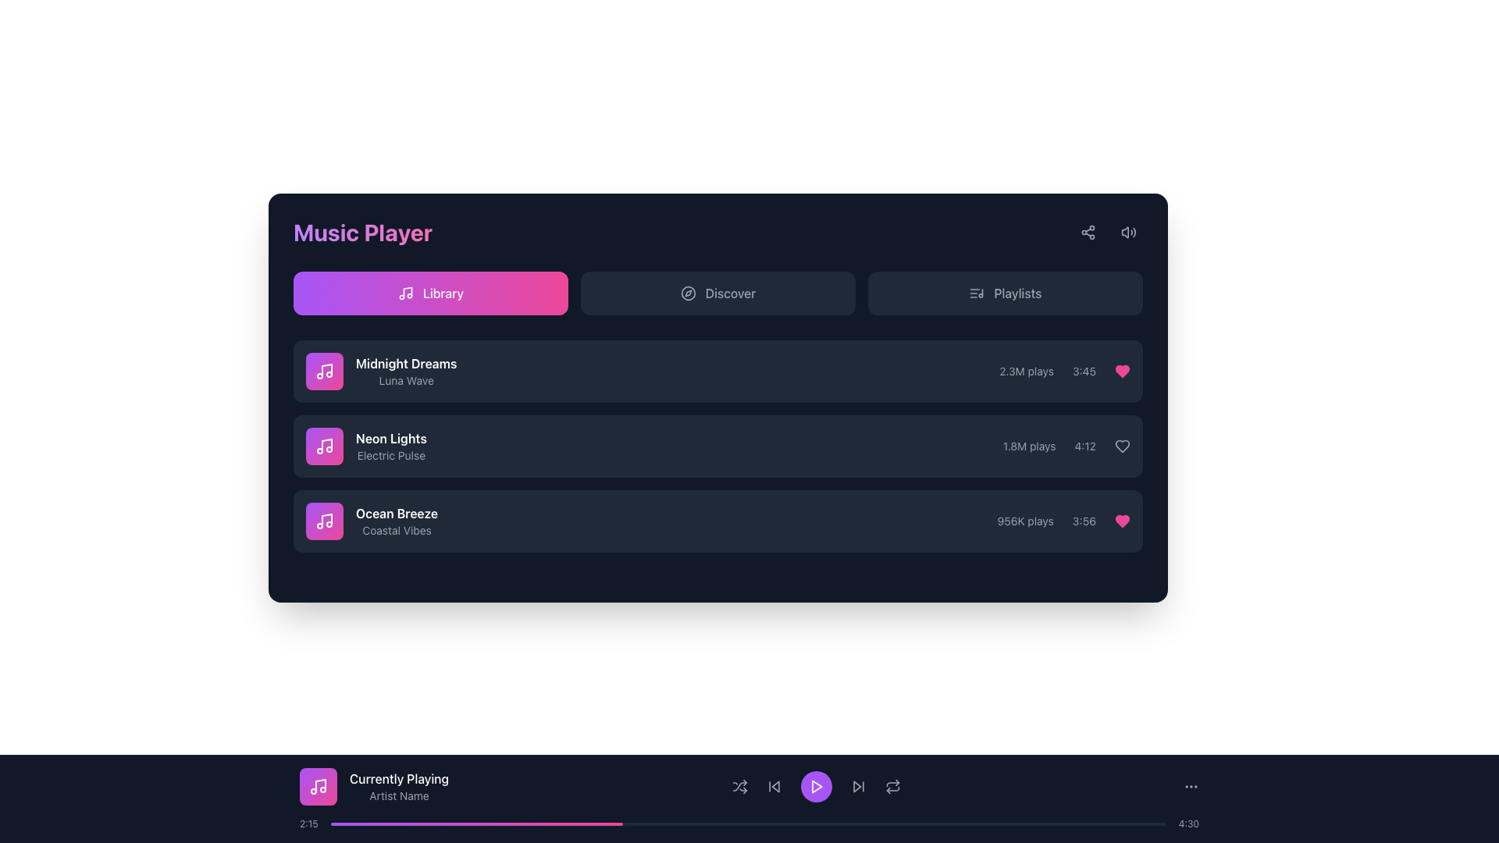 The image size is (1499, 843). I want to click on the List item element displaying 'Ocean Breeze' and 'Coastal Vibes', so click(371, 521).